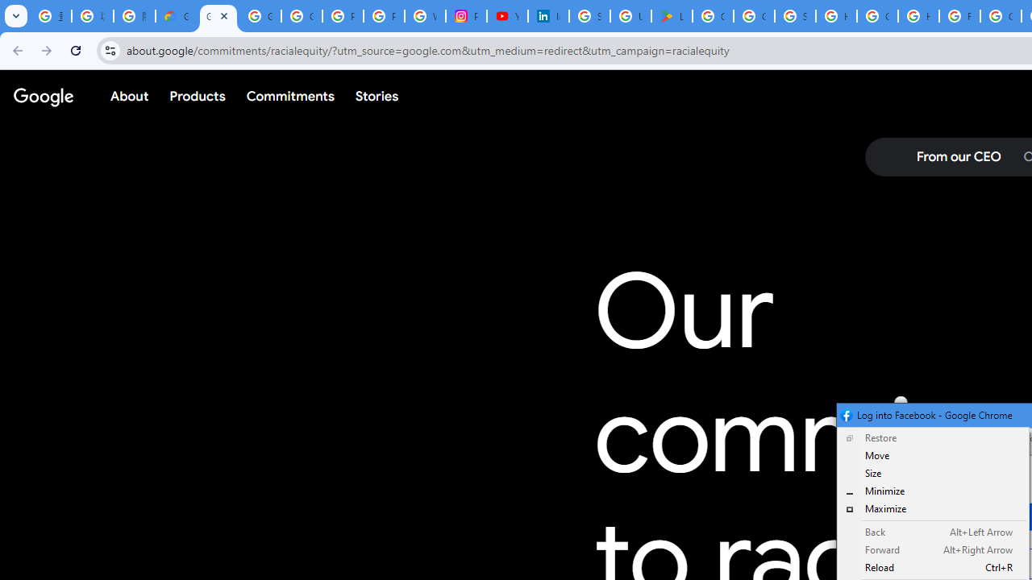 The image size is (1032, 580). What do you see at coordinates (933, 566) in the screenshot?
I see `'Reload	Ctrl+R'` at bounding box center [933, 566].